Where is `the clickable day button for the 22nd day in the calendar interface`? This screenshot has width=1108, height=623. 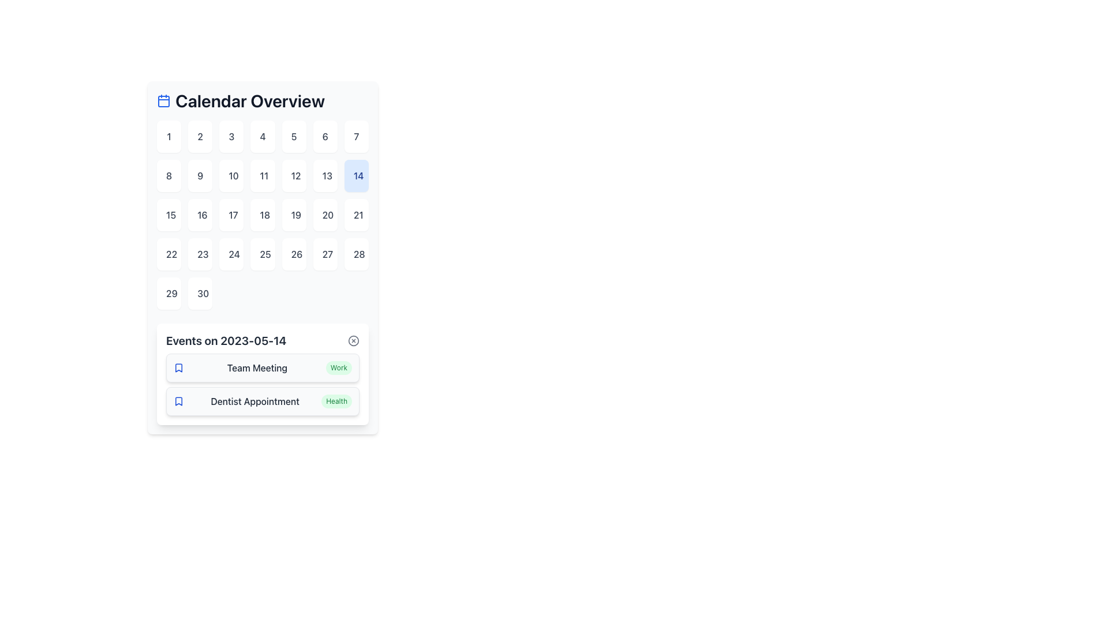
the clickable day button for the 22nd day in the calendar interface is located at coordinates (168, 253).